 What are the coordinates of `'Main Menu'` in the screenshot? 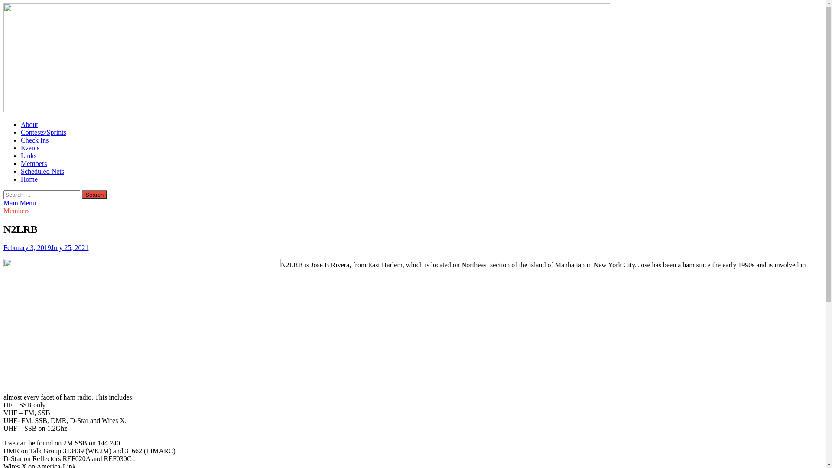 It's located at (19, 203).